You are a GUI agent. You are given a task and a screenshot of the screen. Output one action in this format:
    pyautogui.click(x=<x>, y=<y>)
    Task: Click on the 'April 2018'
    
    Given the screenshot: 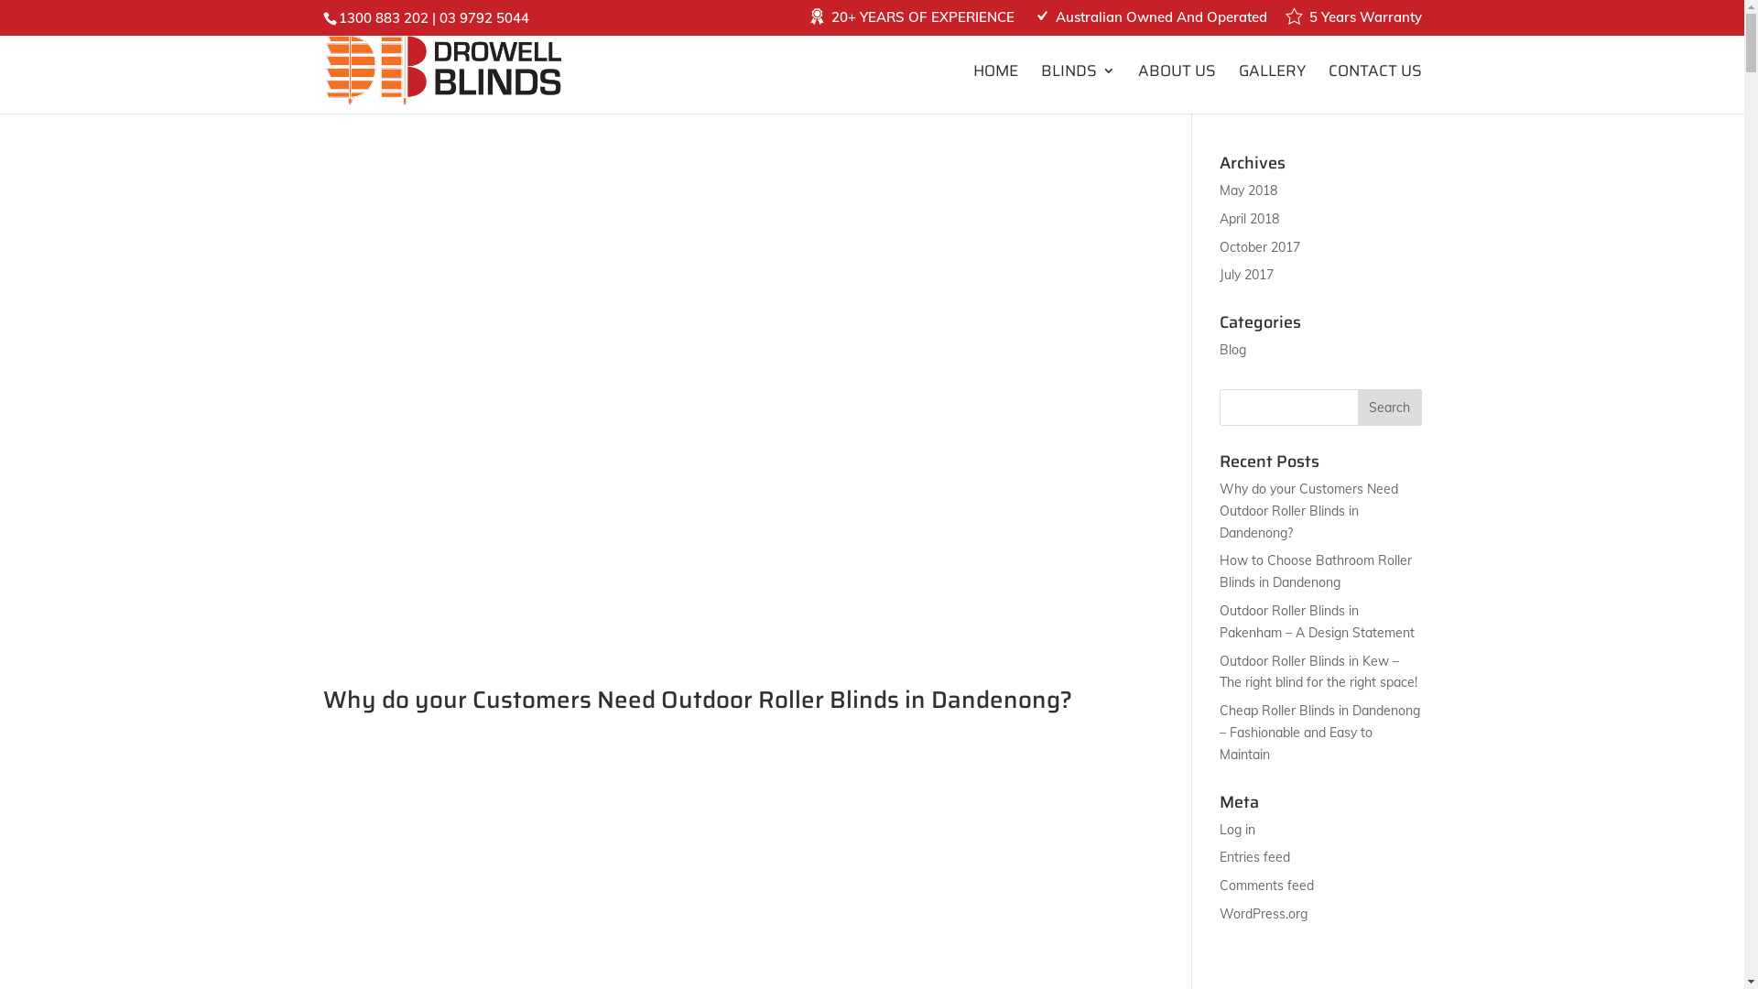 What is the action you would take?
    pyautogui.click(x=1248, y=218)
    